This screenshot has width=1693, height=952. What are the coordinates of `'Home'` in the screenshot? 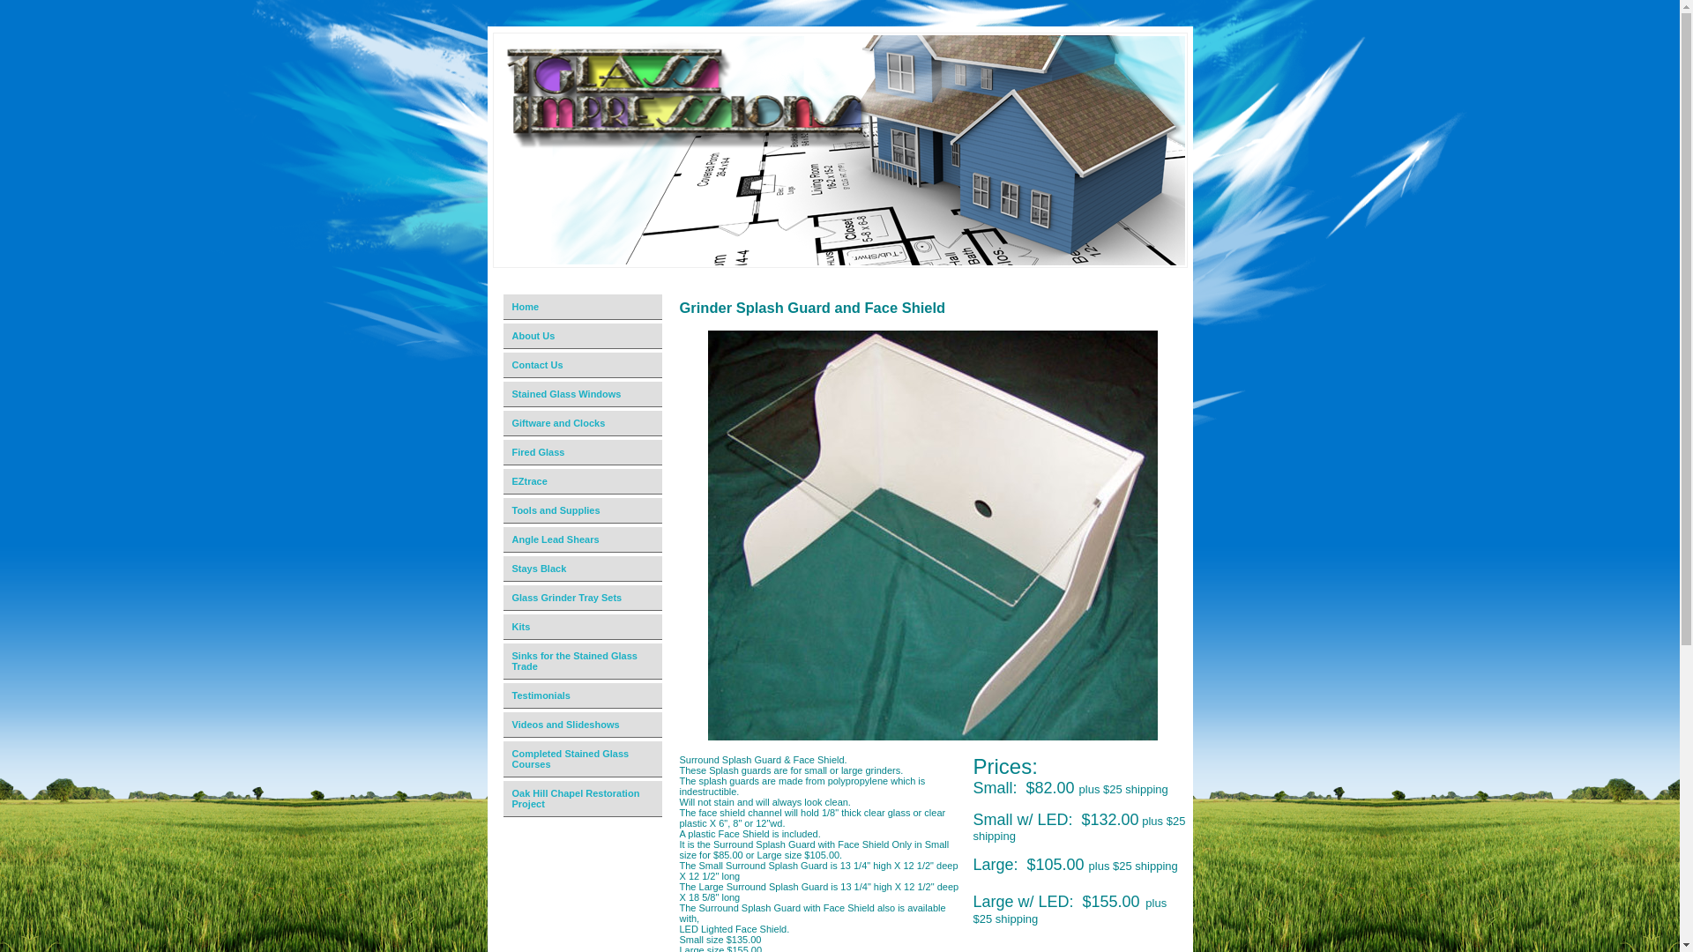 It's located at (584, 306).